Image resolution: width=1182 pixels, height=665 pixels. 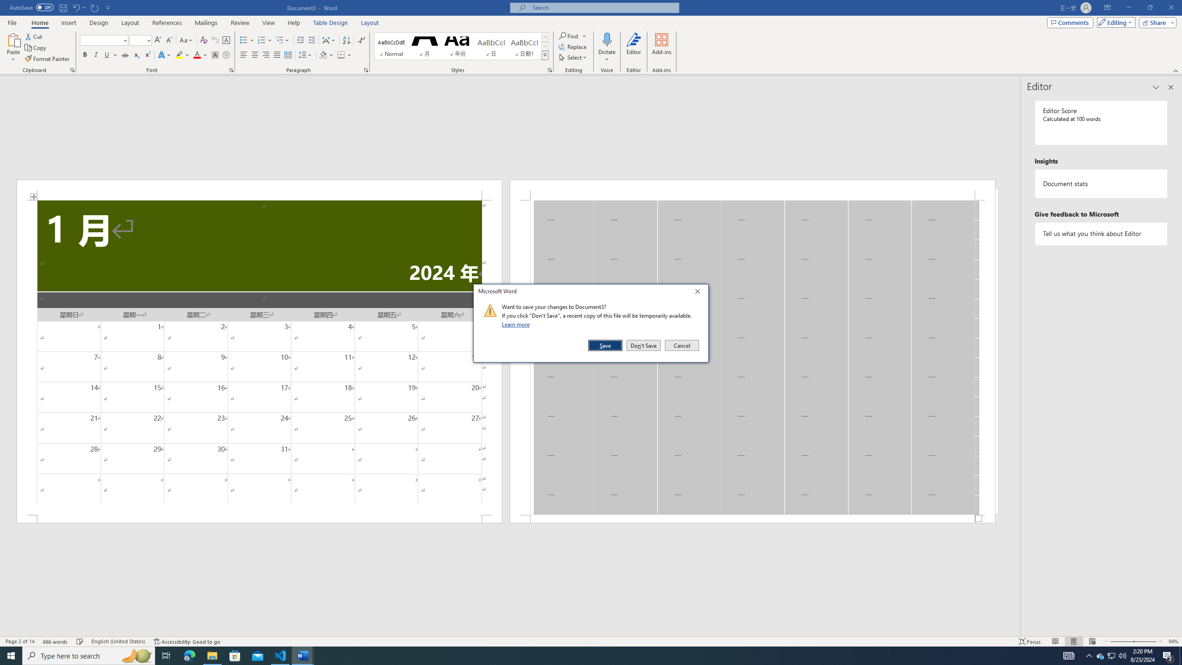 I want to click on 'Repeat Copy', so click(x=95, y=7).